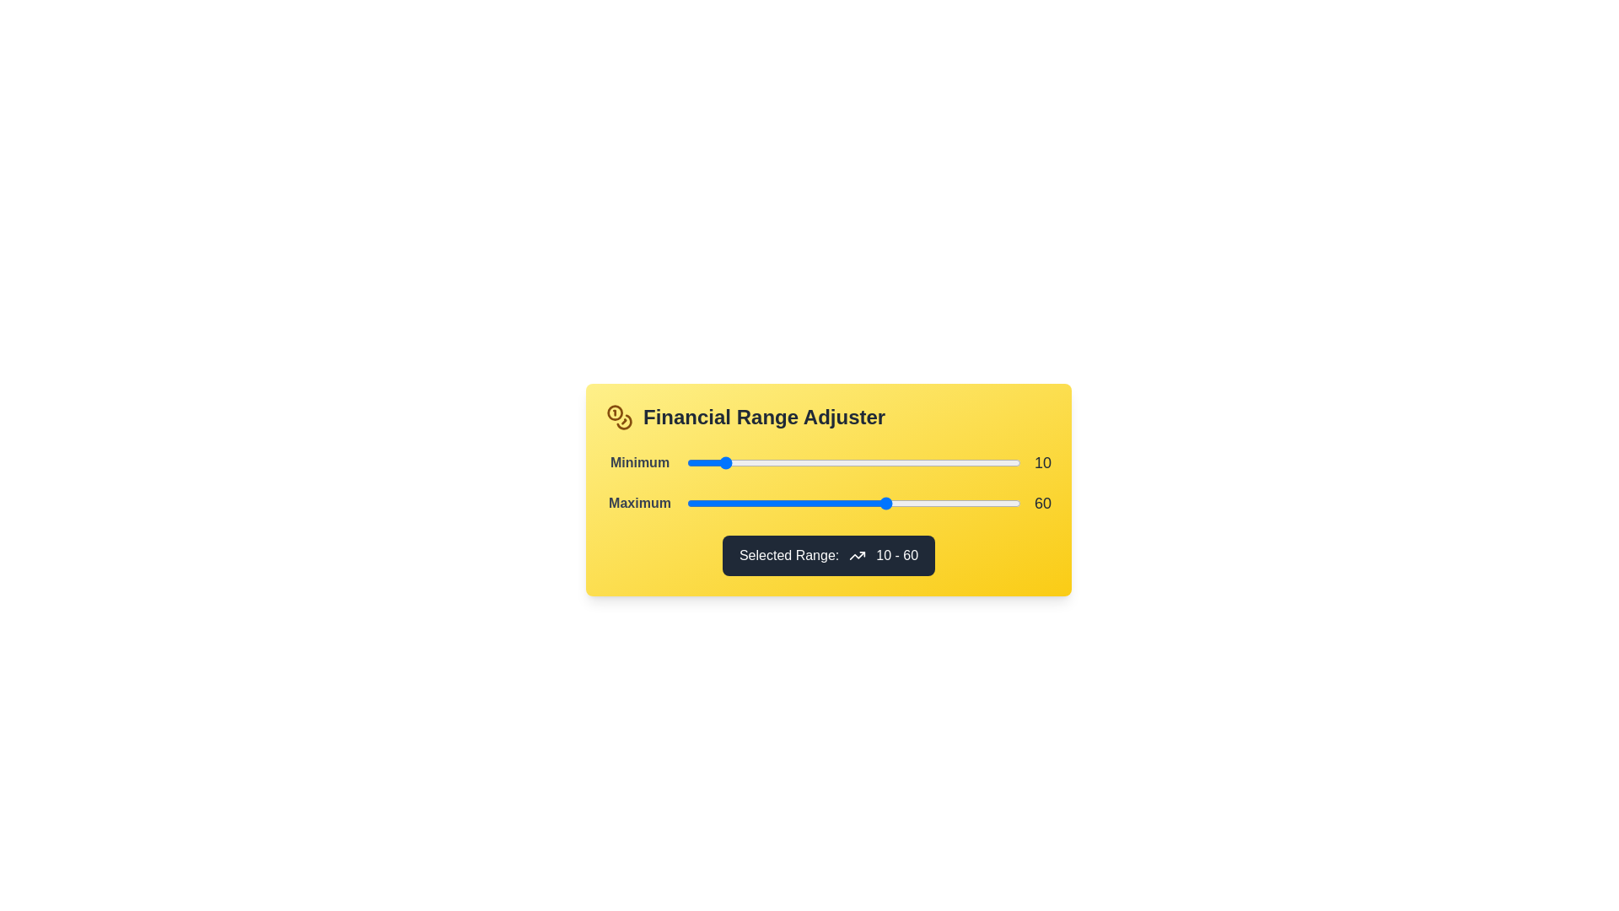 Image resolution: width=1619 pixels, height=911 pixels. I want to click on the 'Maximum' range slider to 49, so click(850, 503).